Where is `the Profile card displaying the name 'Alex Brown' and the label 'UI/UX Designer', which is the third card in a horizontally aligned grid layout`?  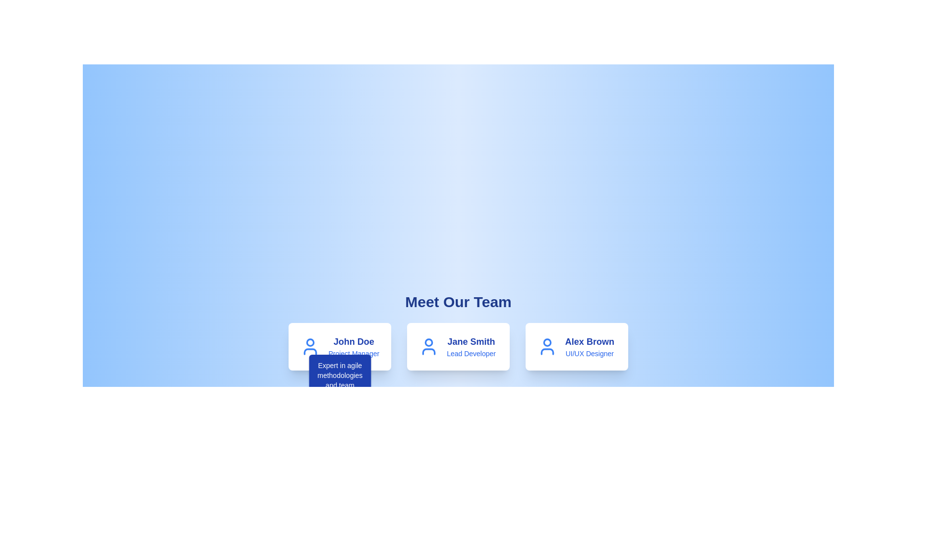
the Profile card displaying the name 'Alex Brown' and the label 'UI/UX Designer', which is the third card in a horizontally aligned grid layout is located at coordinates (577, 346).